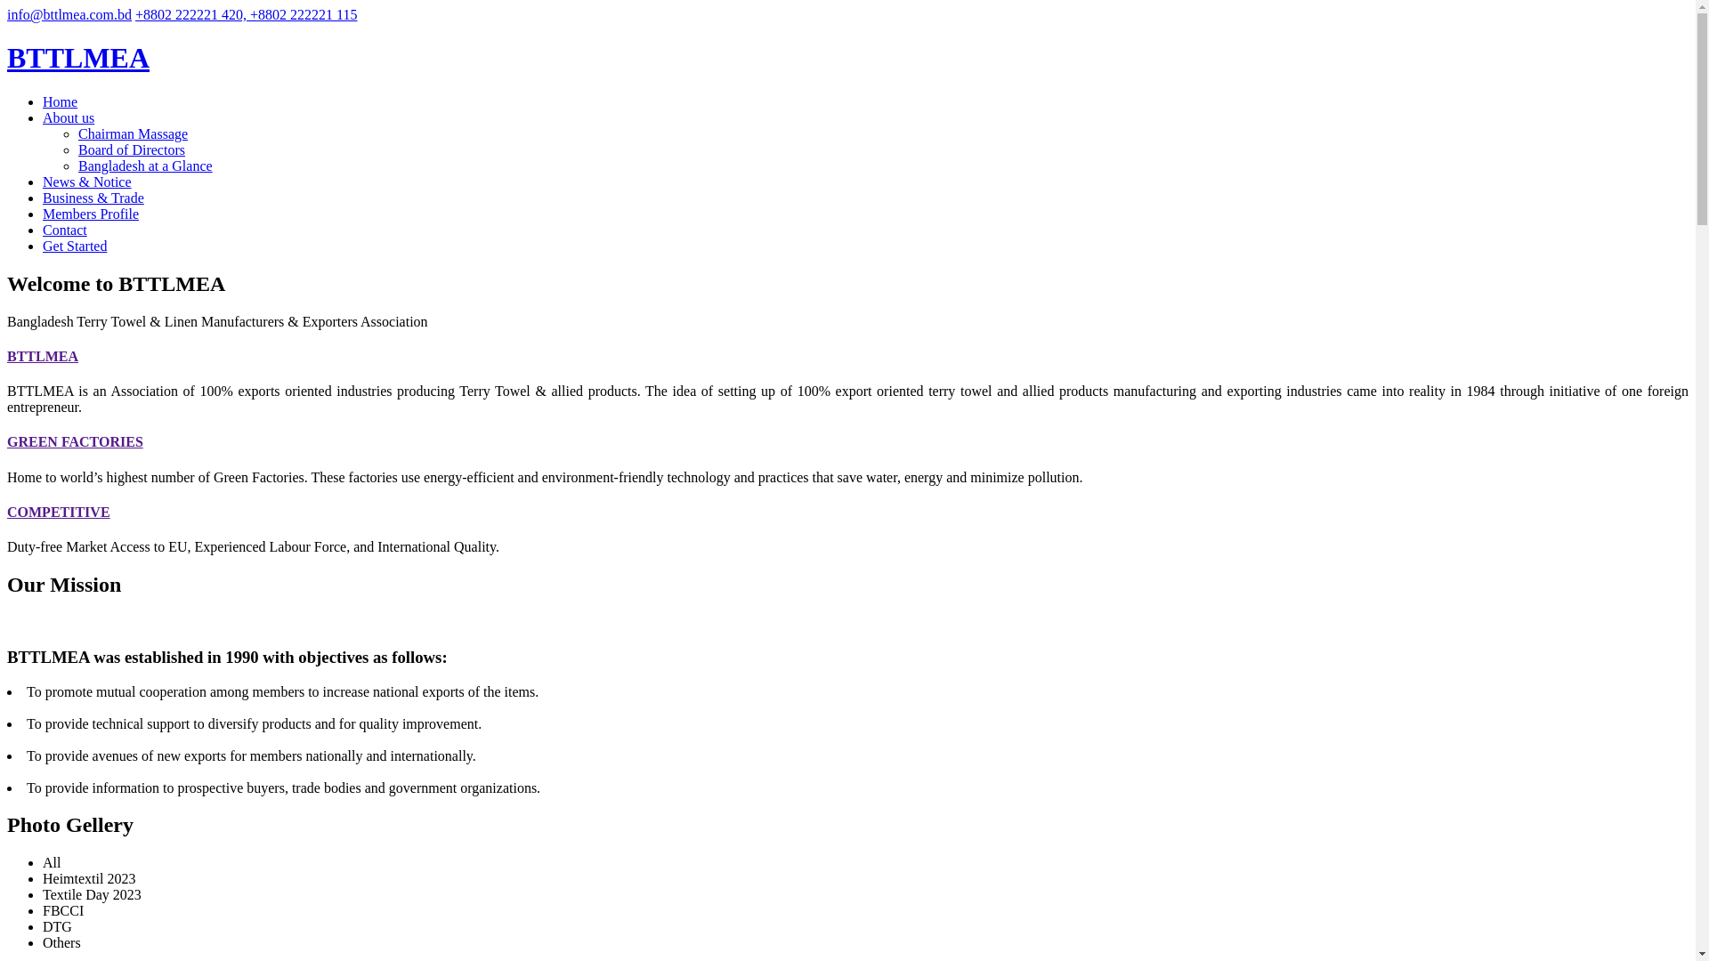  Describe the element at coordinates (68, 117) in the screenshot. I see `'About us'` at that location.